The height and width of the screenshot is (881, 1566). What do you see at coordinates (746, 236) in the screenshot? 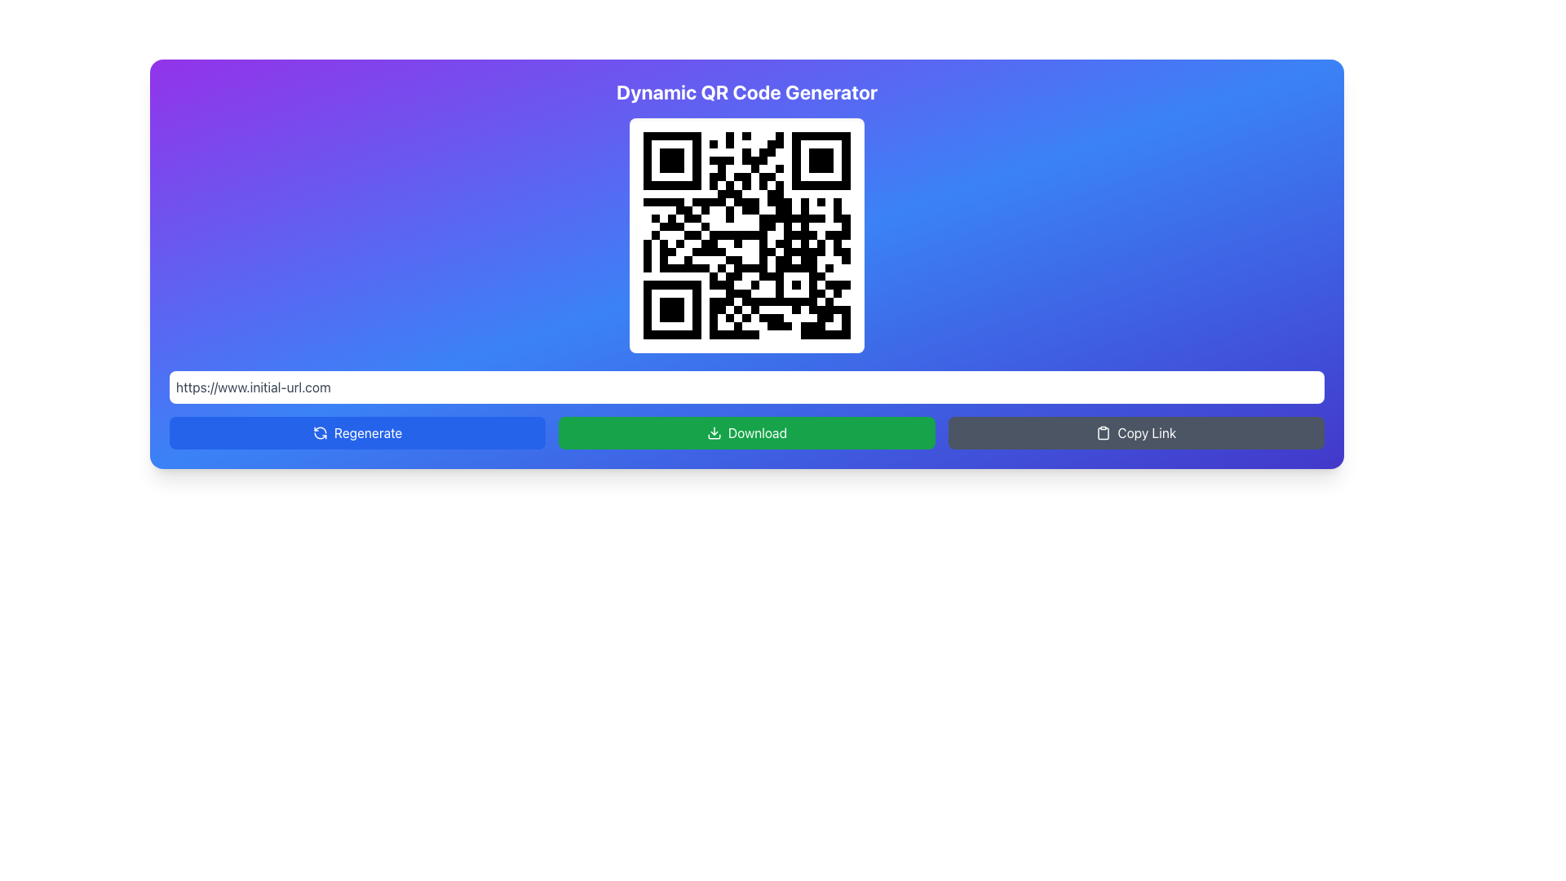
I see `the QR code image located centrally within a white card` at bounding box center [746, 236].